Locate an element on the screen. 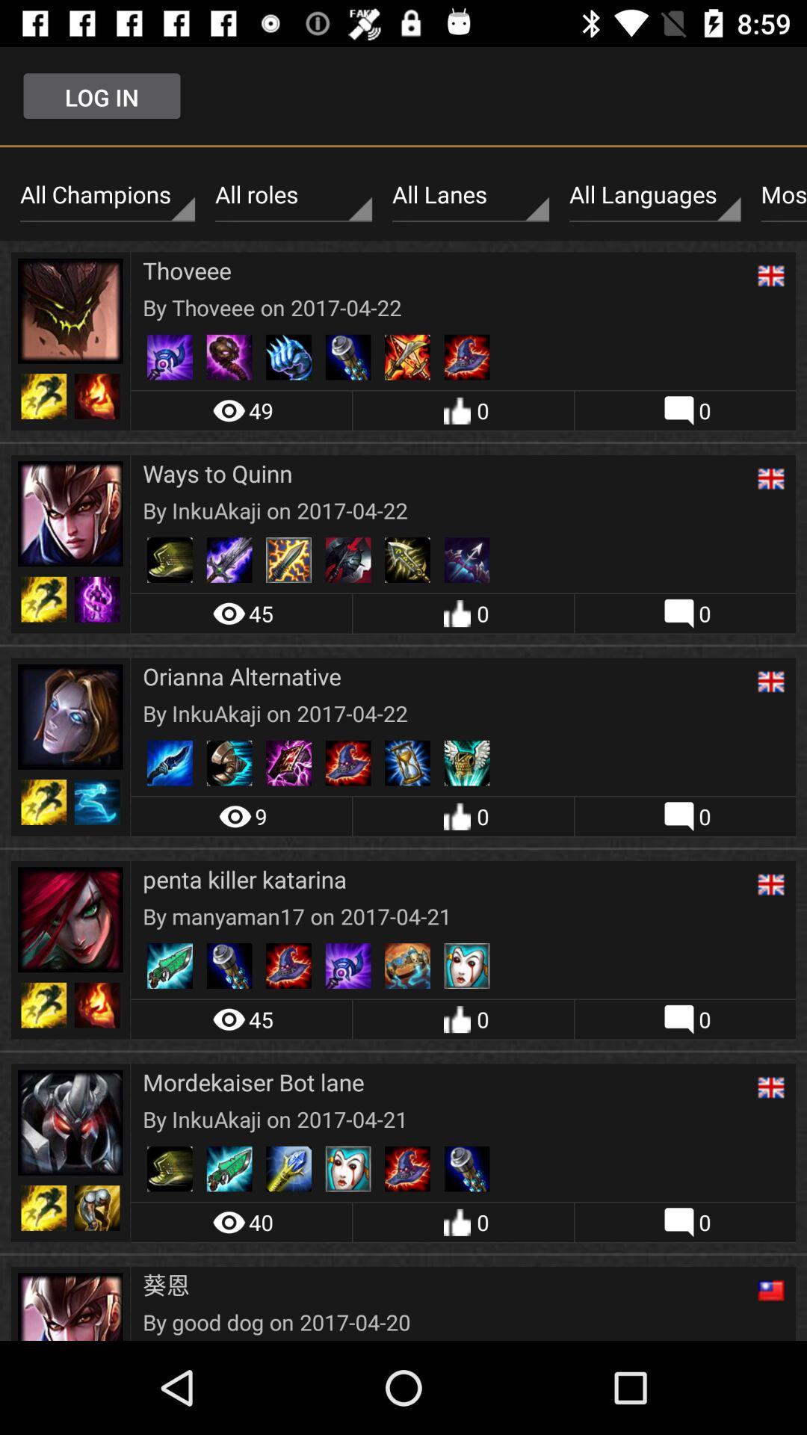  the item next to all roles is located at coordinates (469, 194).